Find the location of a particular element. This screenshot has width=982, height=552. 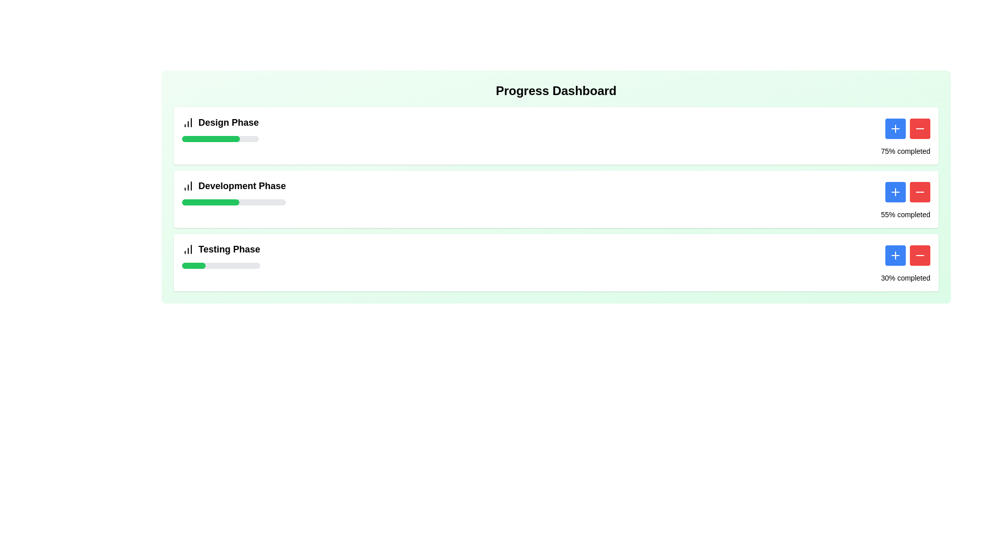

the progress bar indicating 75% completion located under the 'Design Phase' text is located at coordinates (220, 139).